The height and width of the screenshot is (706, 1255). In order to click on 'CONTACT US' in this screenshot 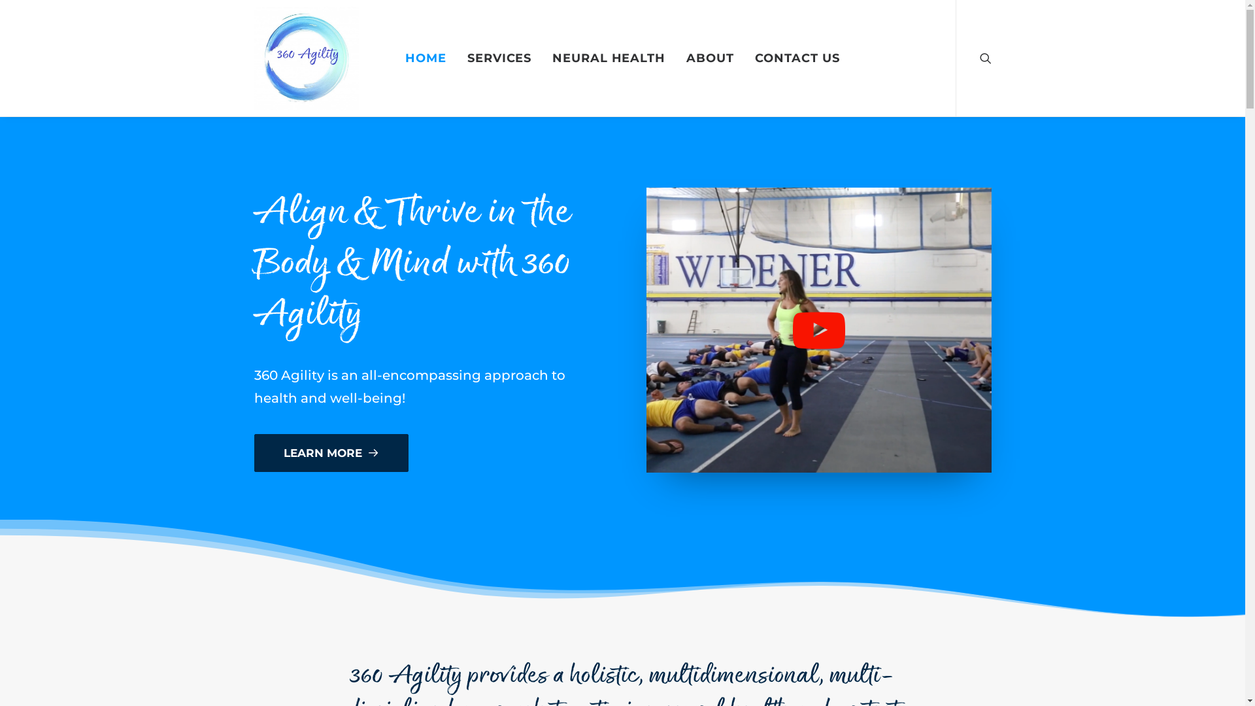, I will do `click(796, 57)`.